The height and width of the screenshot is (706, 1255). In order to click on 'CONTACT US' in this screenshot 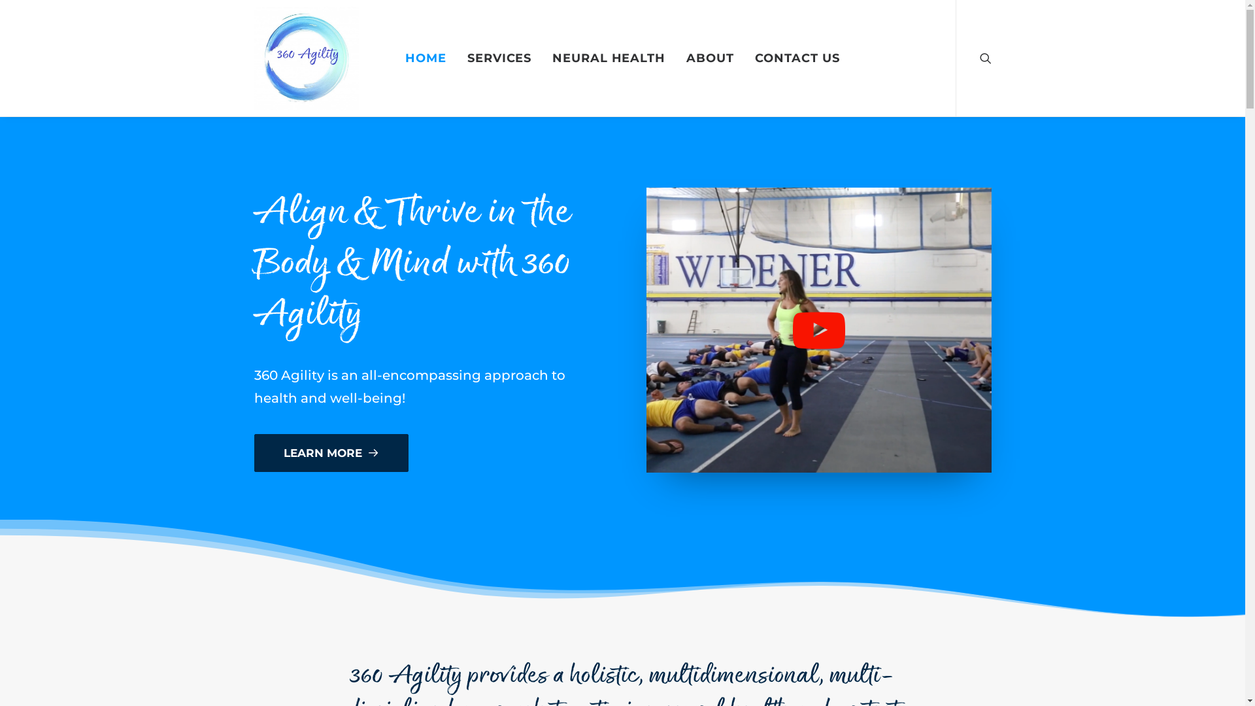, I will do `click(796, 57)`.